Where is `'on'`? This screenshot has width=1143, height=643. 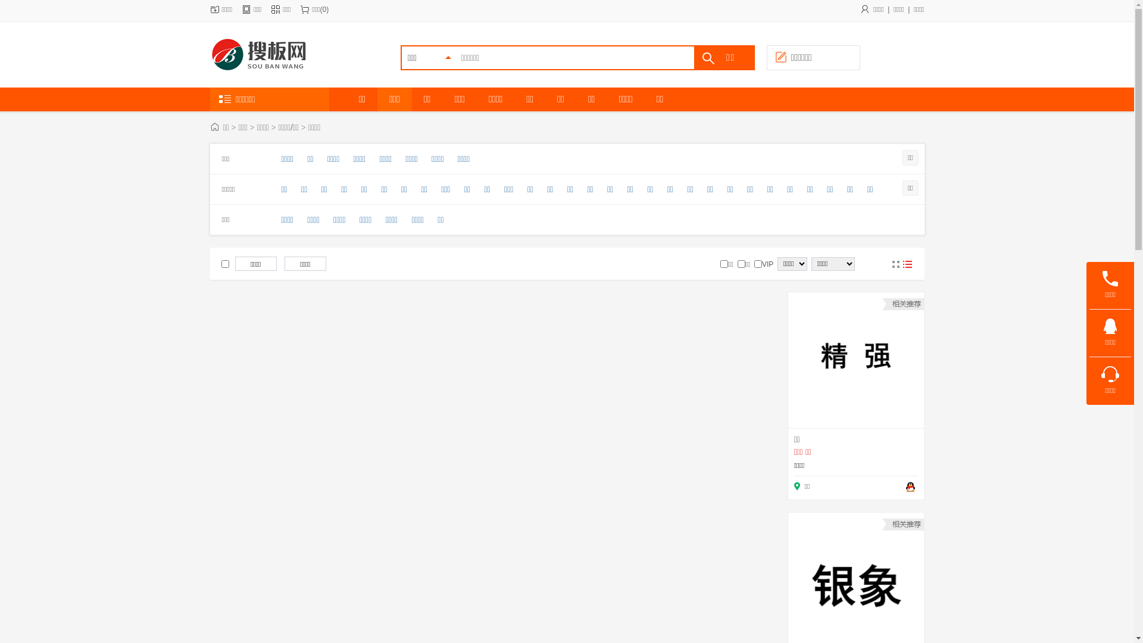 'on' is located at coordinates (757, 263).